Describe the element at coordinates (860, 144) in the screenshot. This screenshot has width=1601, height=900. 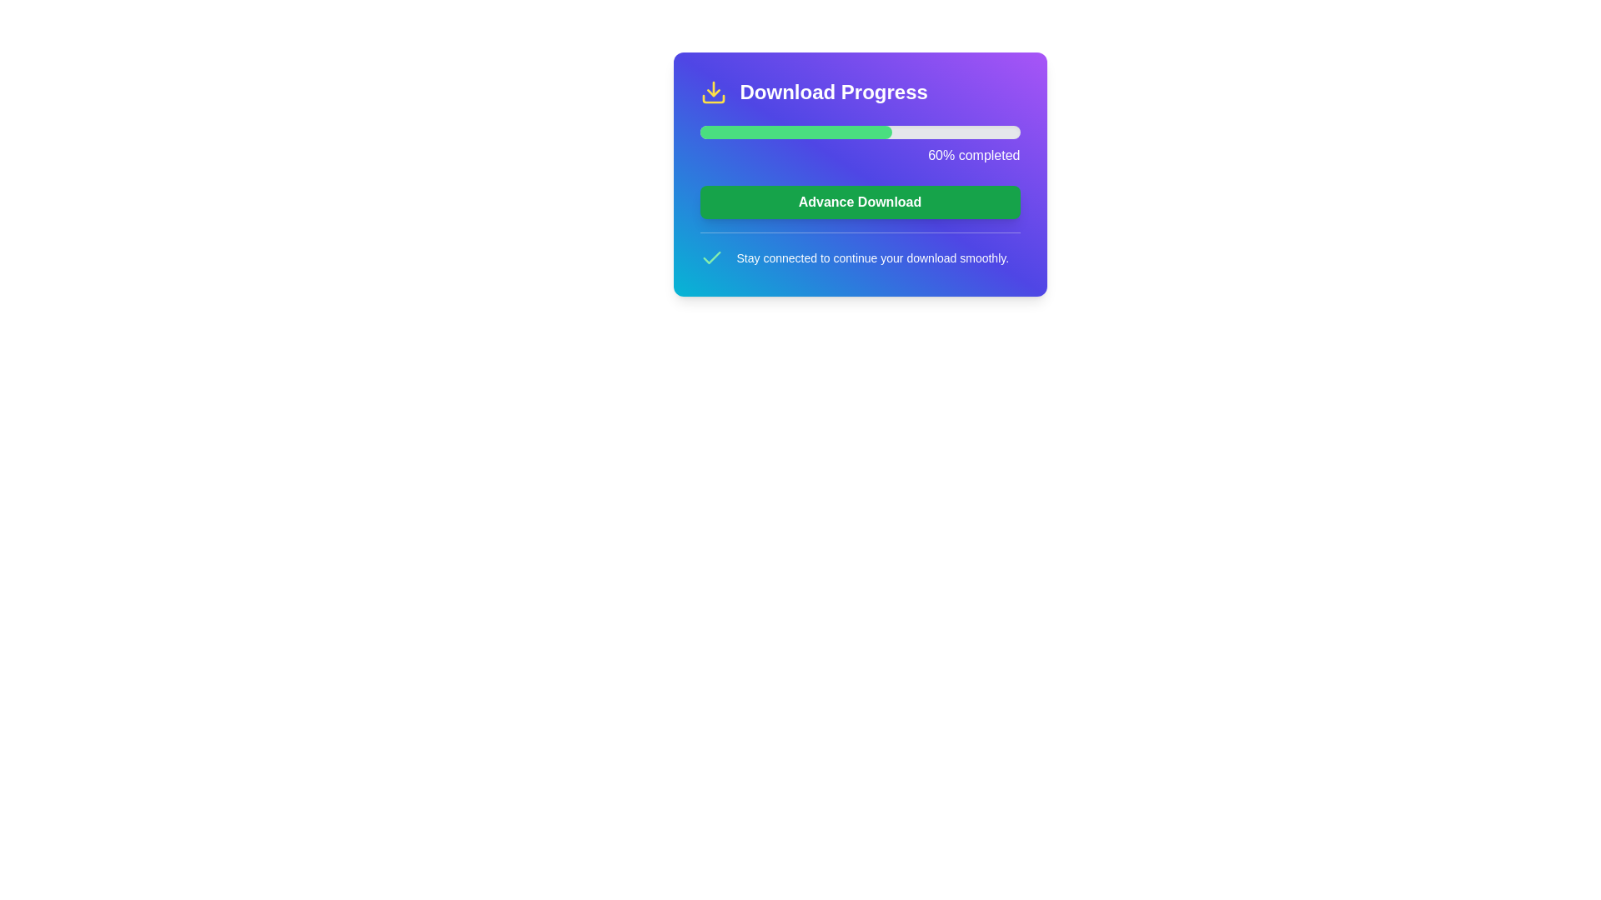
I see `the progress visually on the progress bar located below the title 'Download Progress', which indicates that the task is currently 60% complete` at that location.